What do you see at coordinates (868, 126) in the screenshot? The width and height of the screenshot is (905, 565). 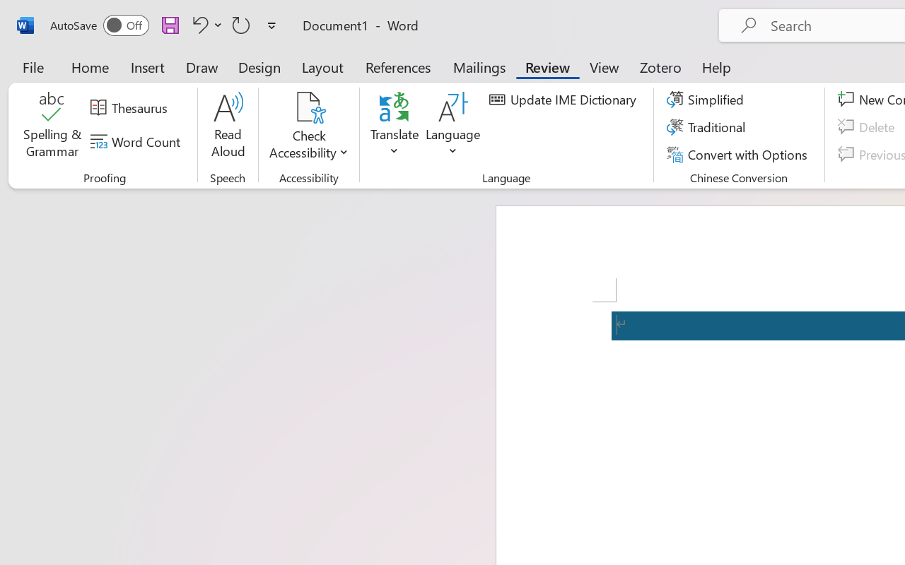 I see `'Delete'` at bounding box center [868, 126].